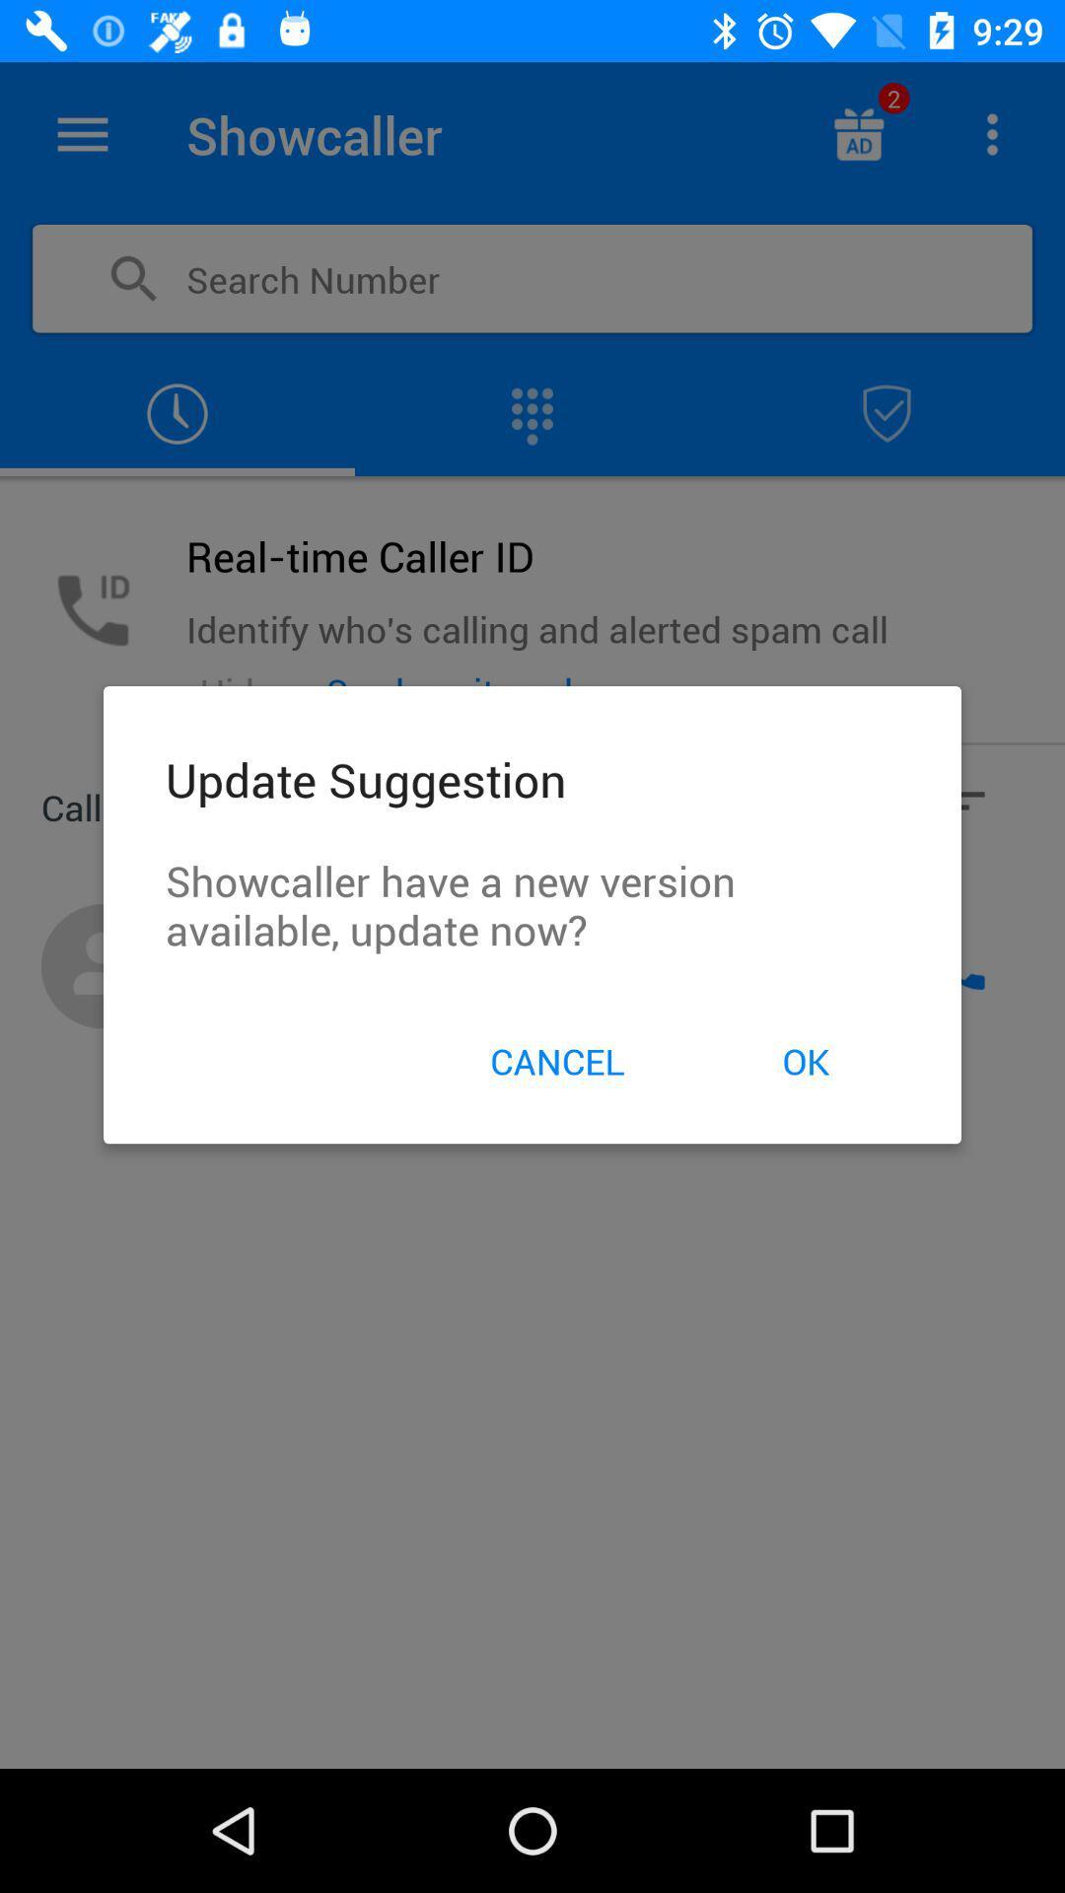  What do you see at coordinates (806, 1060) in the screenshot?
I see `item on the right` at bounding box center [806, 1060].